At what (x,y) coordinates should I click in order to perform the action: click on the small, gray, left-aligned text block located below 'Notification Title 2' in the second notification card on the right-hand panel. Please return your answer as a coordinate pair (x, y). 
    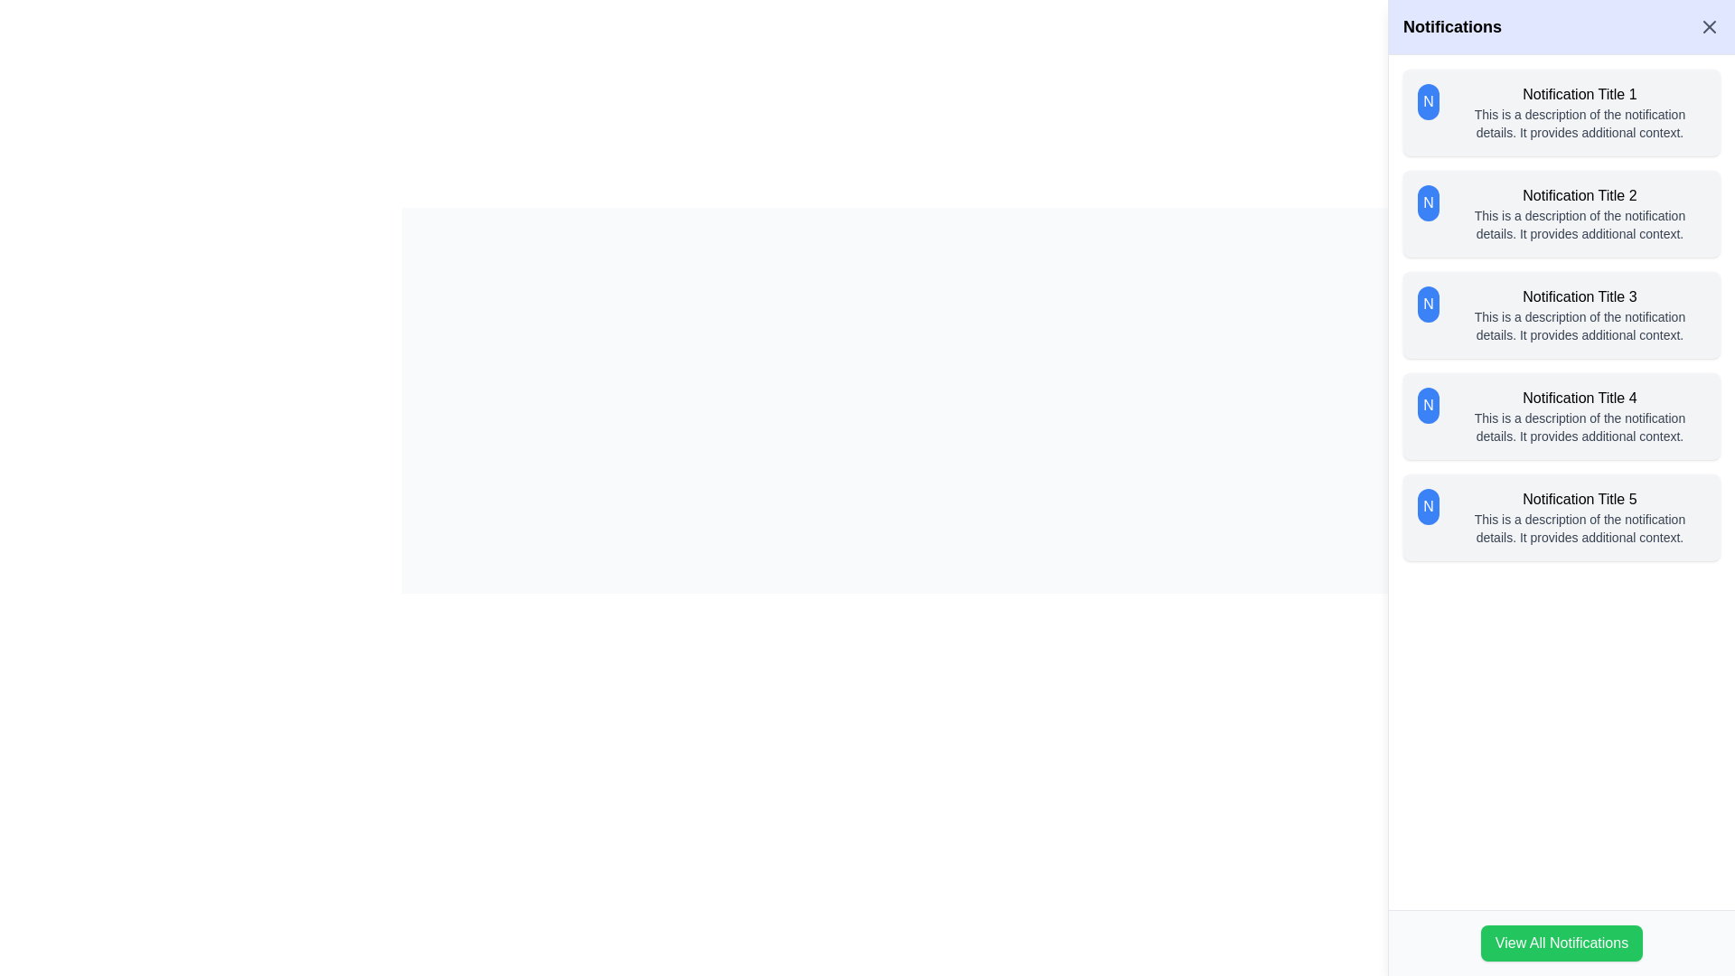
    Looking at the image, I should click on (1579, 224).